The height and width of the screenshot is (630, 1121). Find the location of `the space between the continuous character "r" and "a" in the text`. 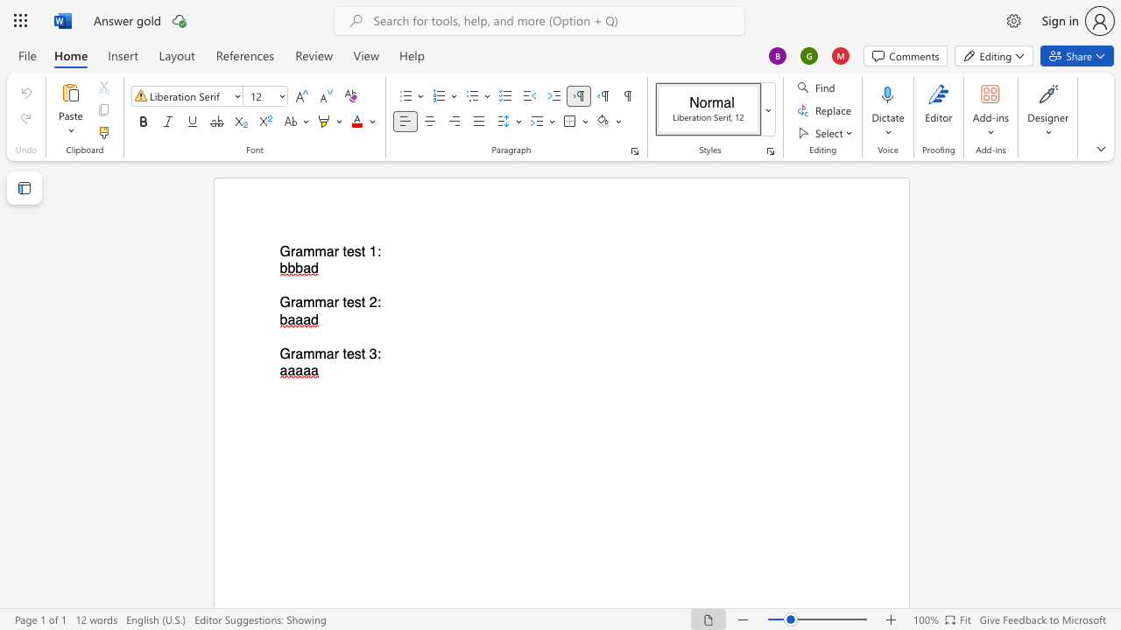

the space between the continuous character "r" and "a" in the text is located at coordinates (296, 302).